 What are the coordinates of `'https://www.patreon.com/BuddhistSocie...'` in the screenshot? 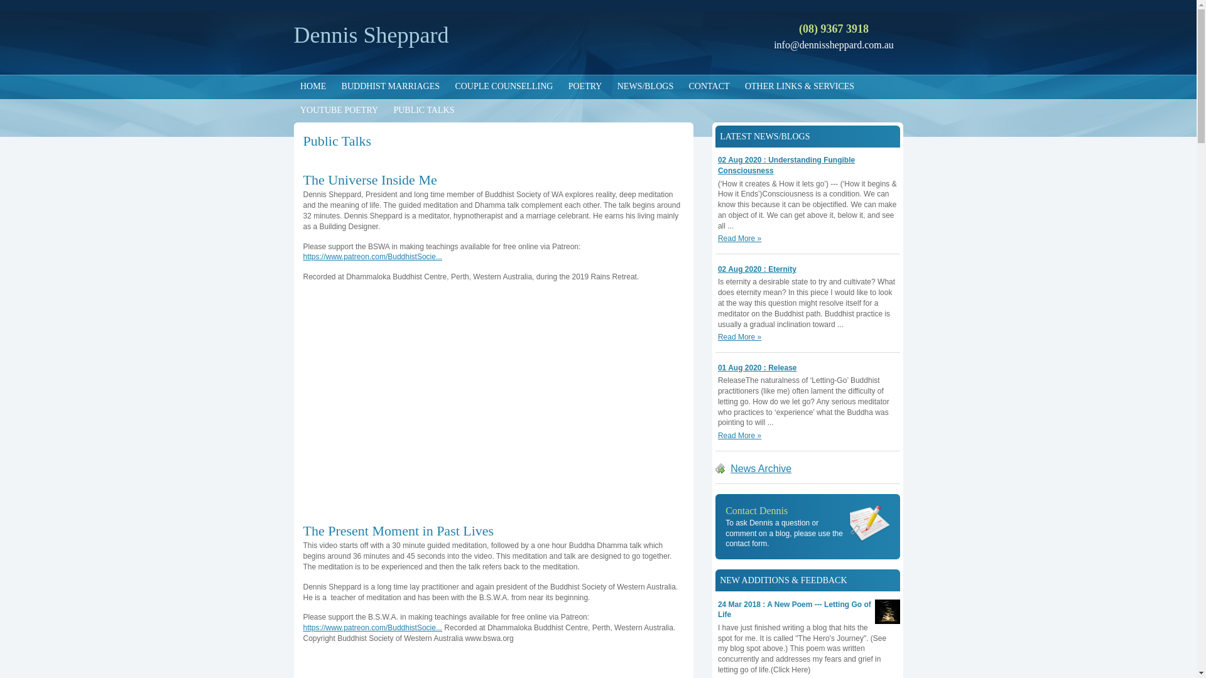 It's located at (371, 256).